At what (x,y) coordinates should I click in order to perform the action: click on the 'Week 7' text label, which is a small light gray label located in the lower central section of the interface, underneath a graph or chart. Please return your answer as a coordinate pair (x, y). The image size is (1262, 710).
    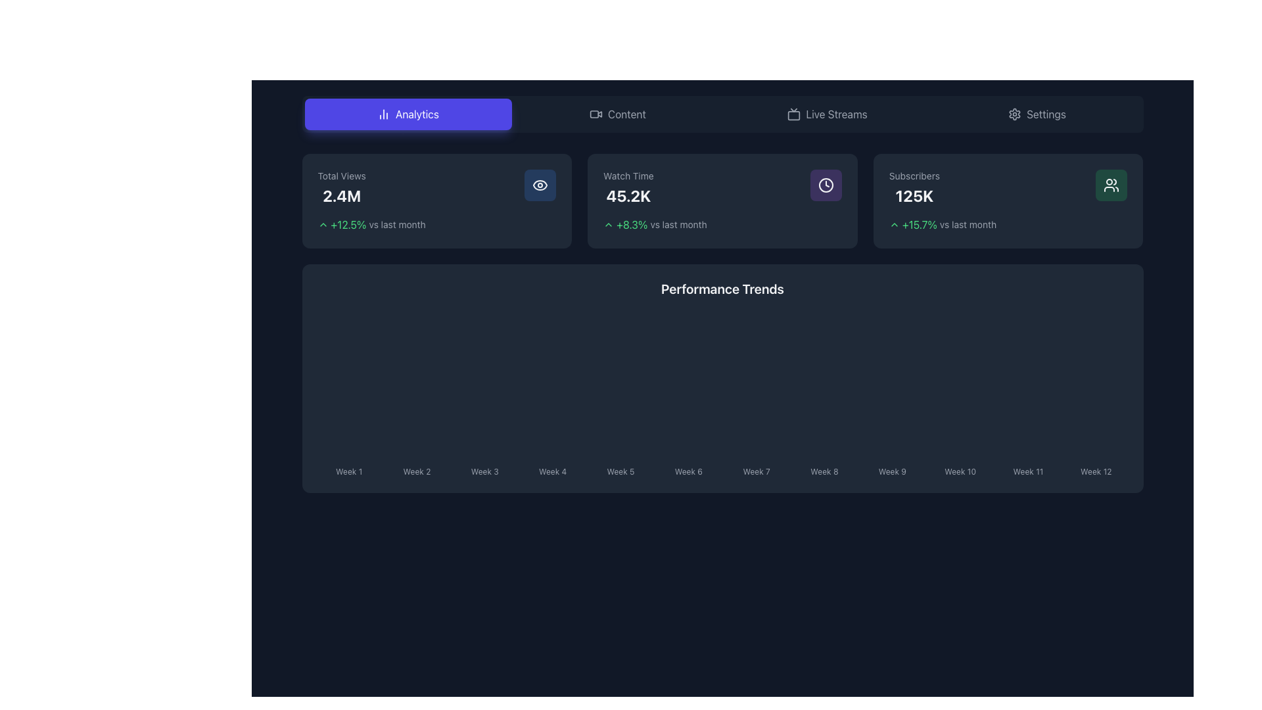
    Looking at the image, I should click on (757, 471).